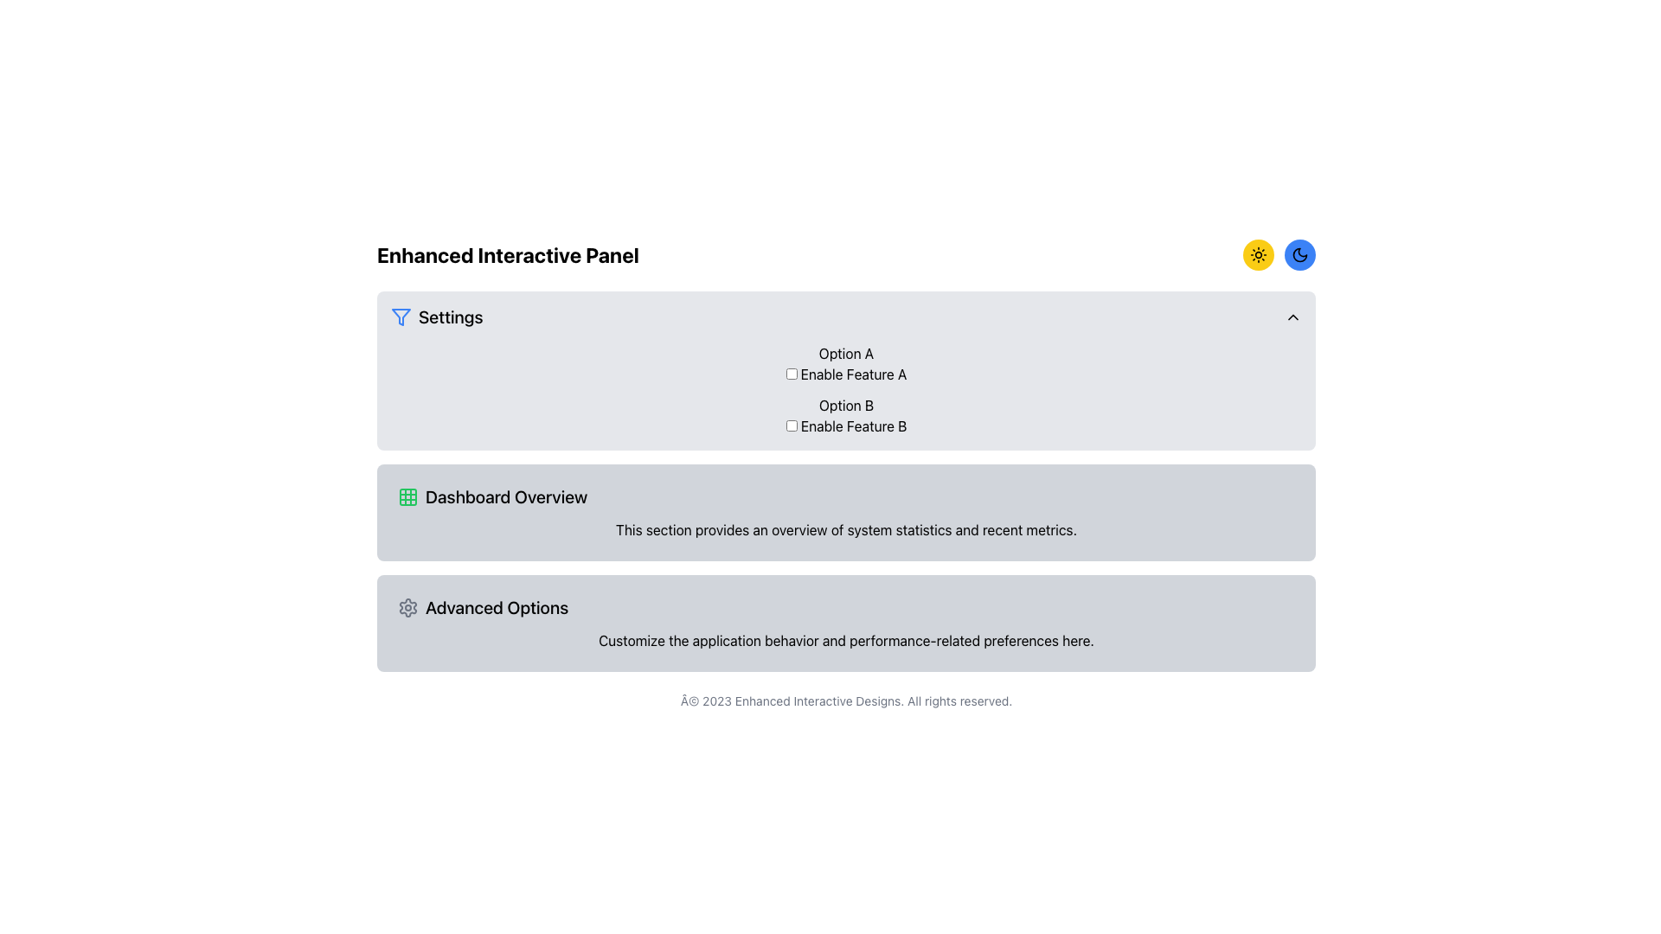 This screenshot has width=1661, height=934. Describe the element at coordinates (846, 406) in the screenshot. I see `the text label that describes the 'Enable Feature B' checkbox, located centrally to the left of the checkbox` at that location.